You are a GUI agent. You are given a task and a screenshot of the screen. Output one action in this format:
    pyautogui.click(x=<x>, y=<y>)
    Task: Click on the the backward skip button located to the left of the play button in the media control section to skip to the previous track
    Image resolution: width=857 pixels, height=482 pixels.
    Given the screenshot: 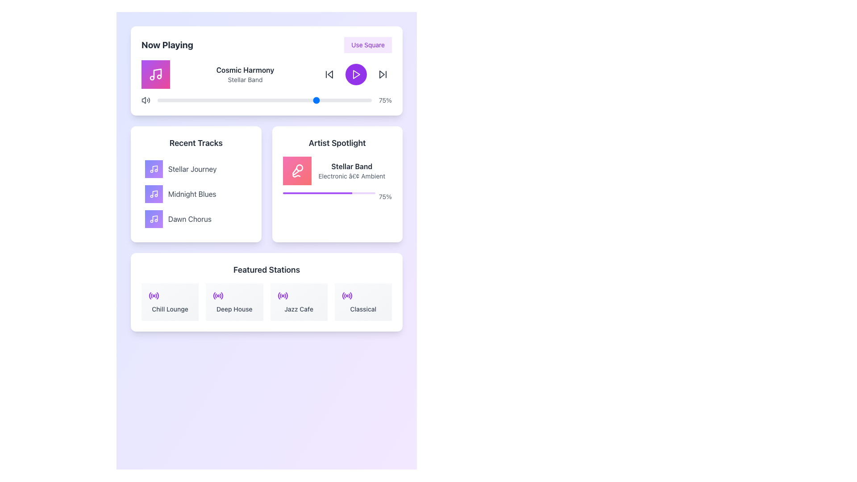 What is the action you would take?
    pyautogui.click(x=329, y=74)
    